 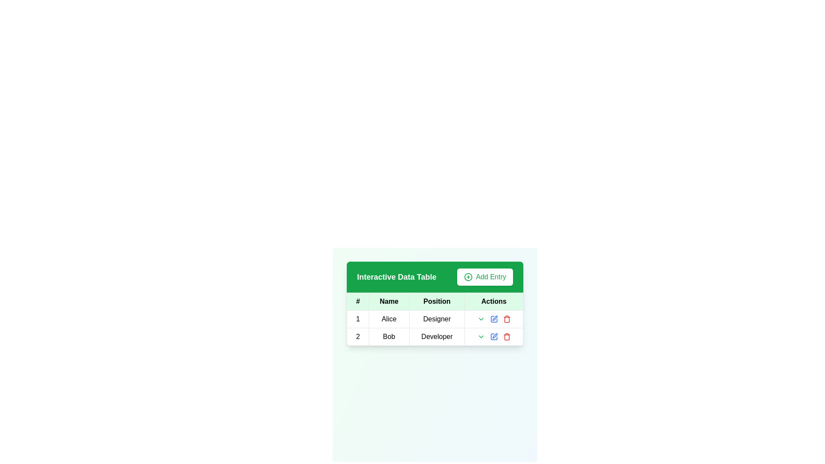 What do you see at coordinates (467, 277) in the screenshot?
I see `the add icon located within the 'Add Entry' button in the top-right corner of the interface` at bounding box center [467, 277].